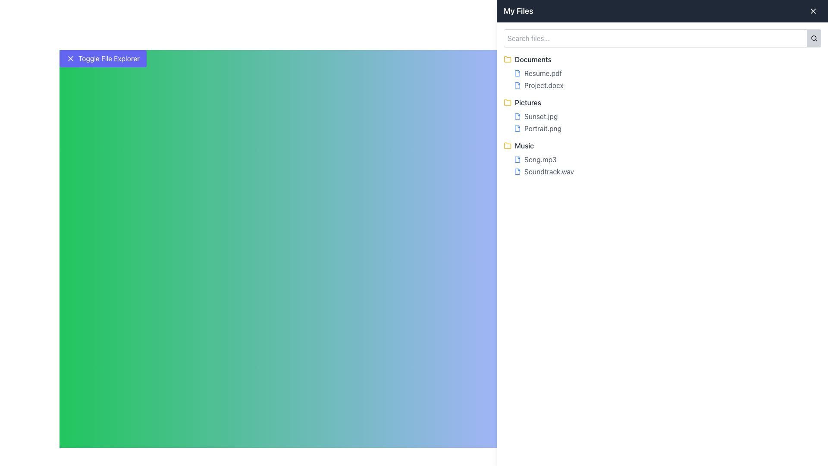 The width and height of the screenshot is (828, 466). Describe the element at coordinates (507, 145) in the screenshot. I see `the yellow folder icon next to the label 'Music' in the file list` at that location.